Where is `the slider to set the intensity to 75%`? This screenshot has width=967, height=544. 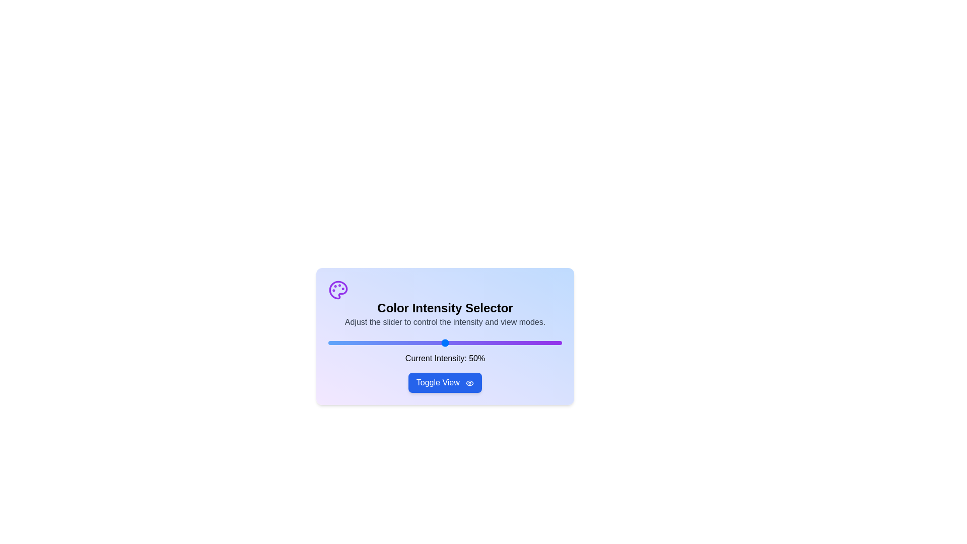
the slider to set the intensity to 75% is located at coordinates (503, 343).